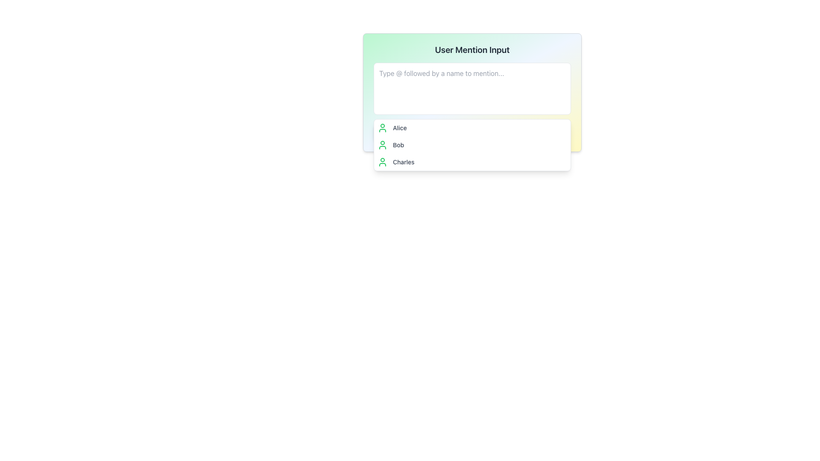 Image resolution: width=820 pixels, height=461 pixels. What do you see at coordinates (398, 144) in the screenshot?
I see `the user mention label identifying 'Bob' in the selection interface, which is the second entry in the vertical list, positioned between 'Alice' and 'Charles'` at bounding box center [398, 144].